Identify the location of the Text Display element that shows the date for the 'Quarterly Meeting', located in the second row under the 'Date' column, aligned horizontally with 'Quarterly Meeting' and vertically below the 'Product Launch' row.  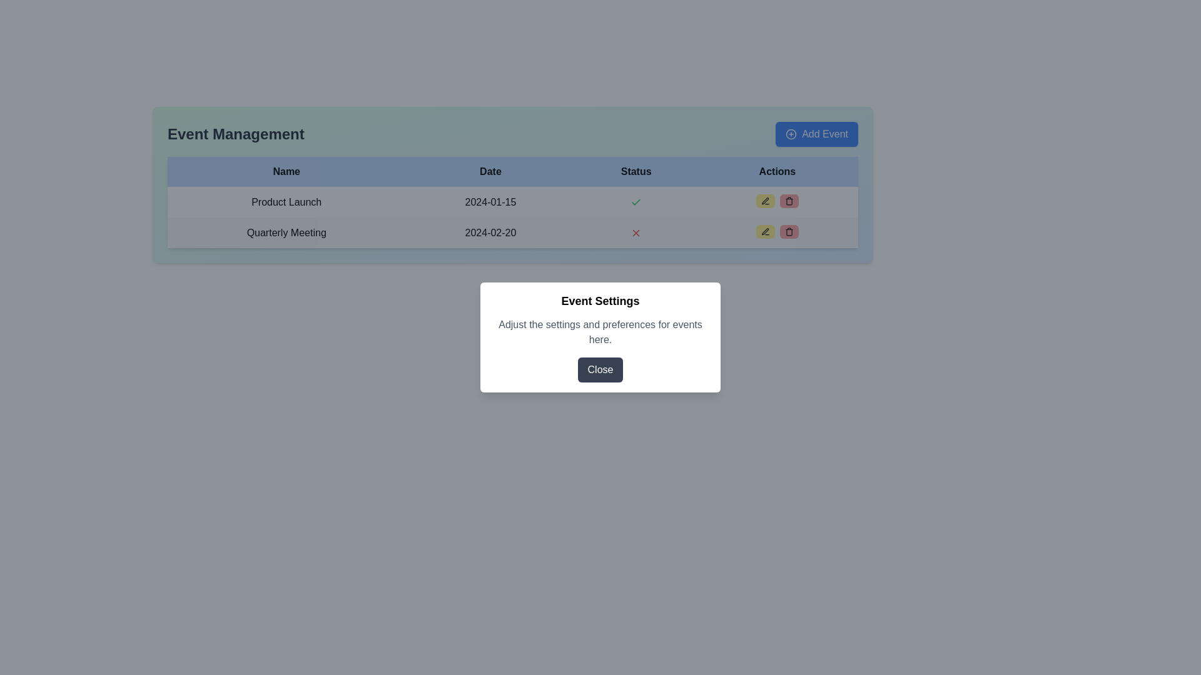
(513, 232).